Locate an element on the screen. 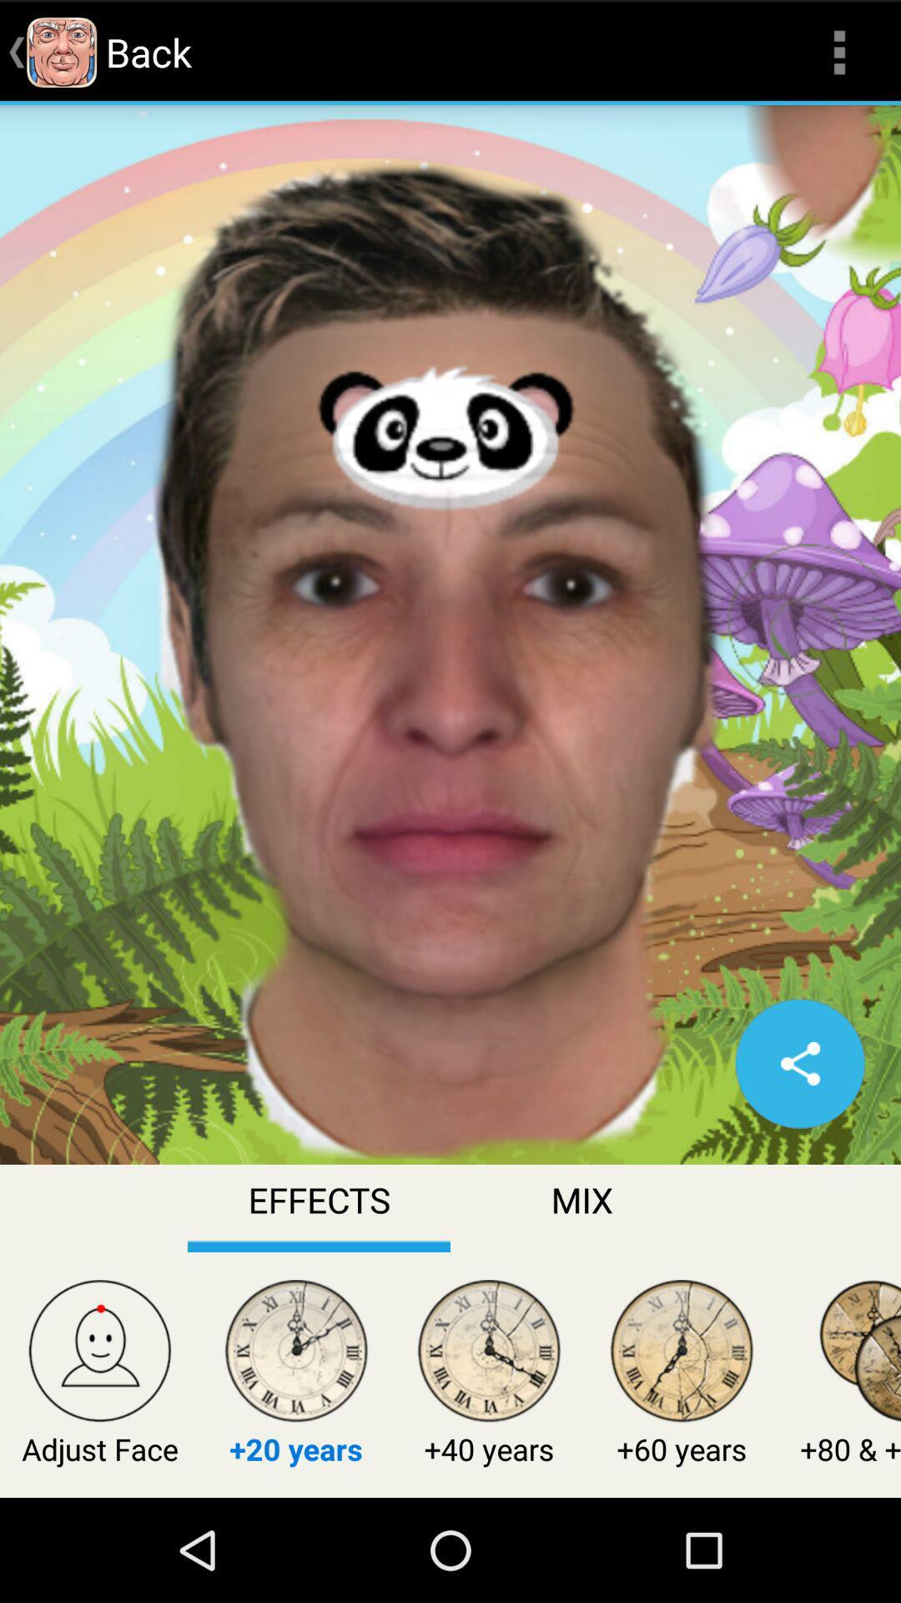 This screenshot has width=901, height=1603. share photo is located at coordinates (799, 1063).